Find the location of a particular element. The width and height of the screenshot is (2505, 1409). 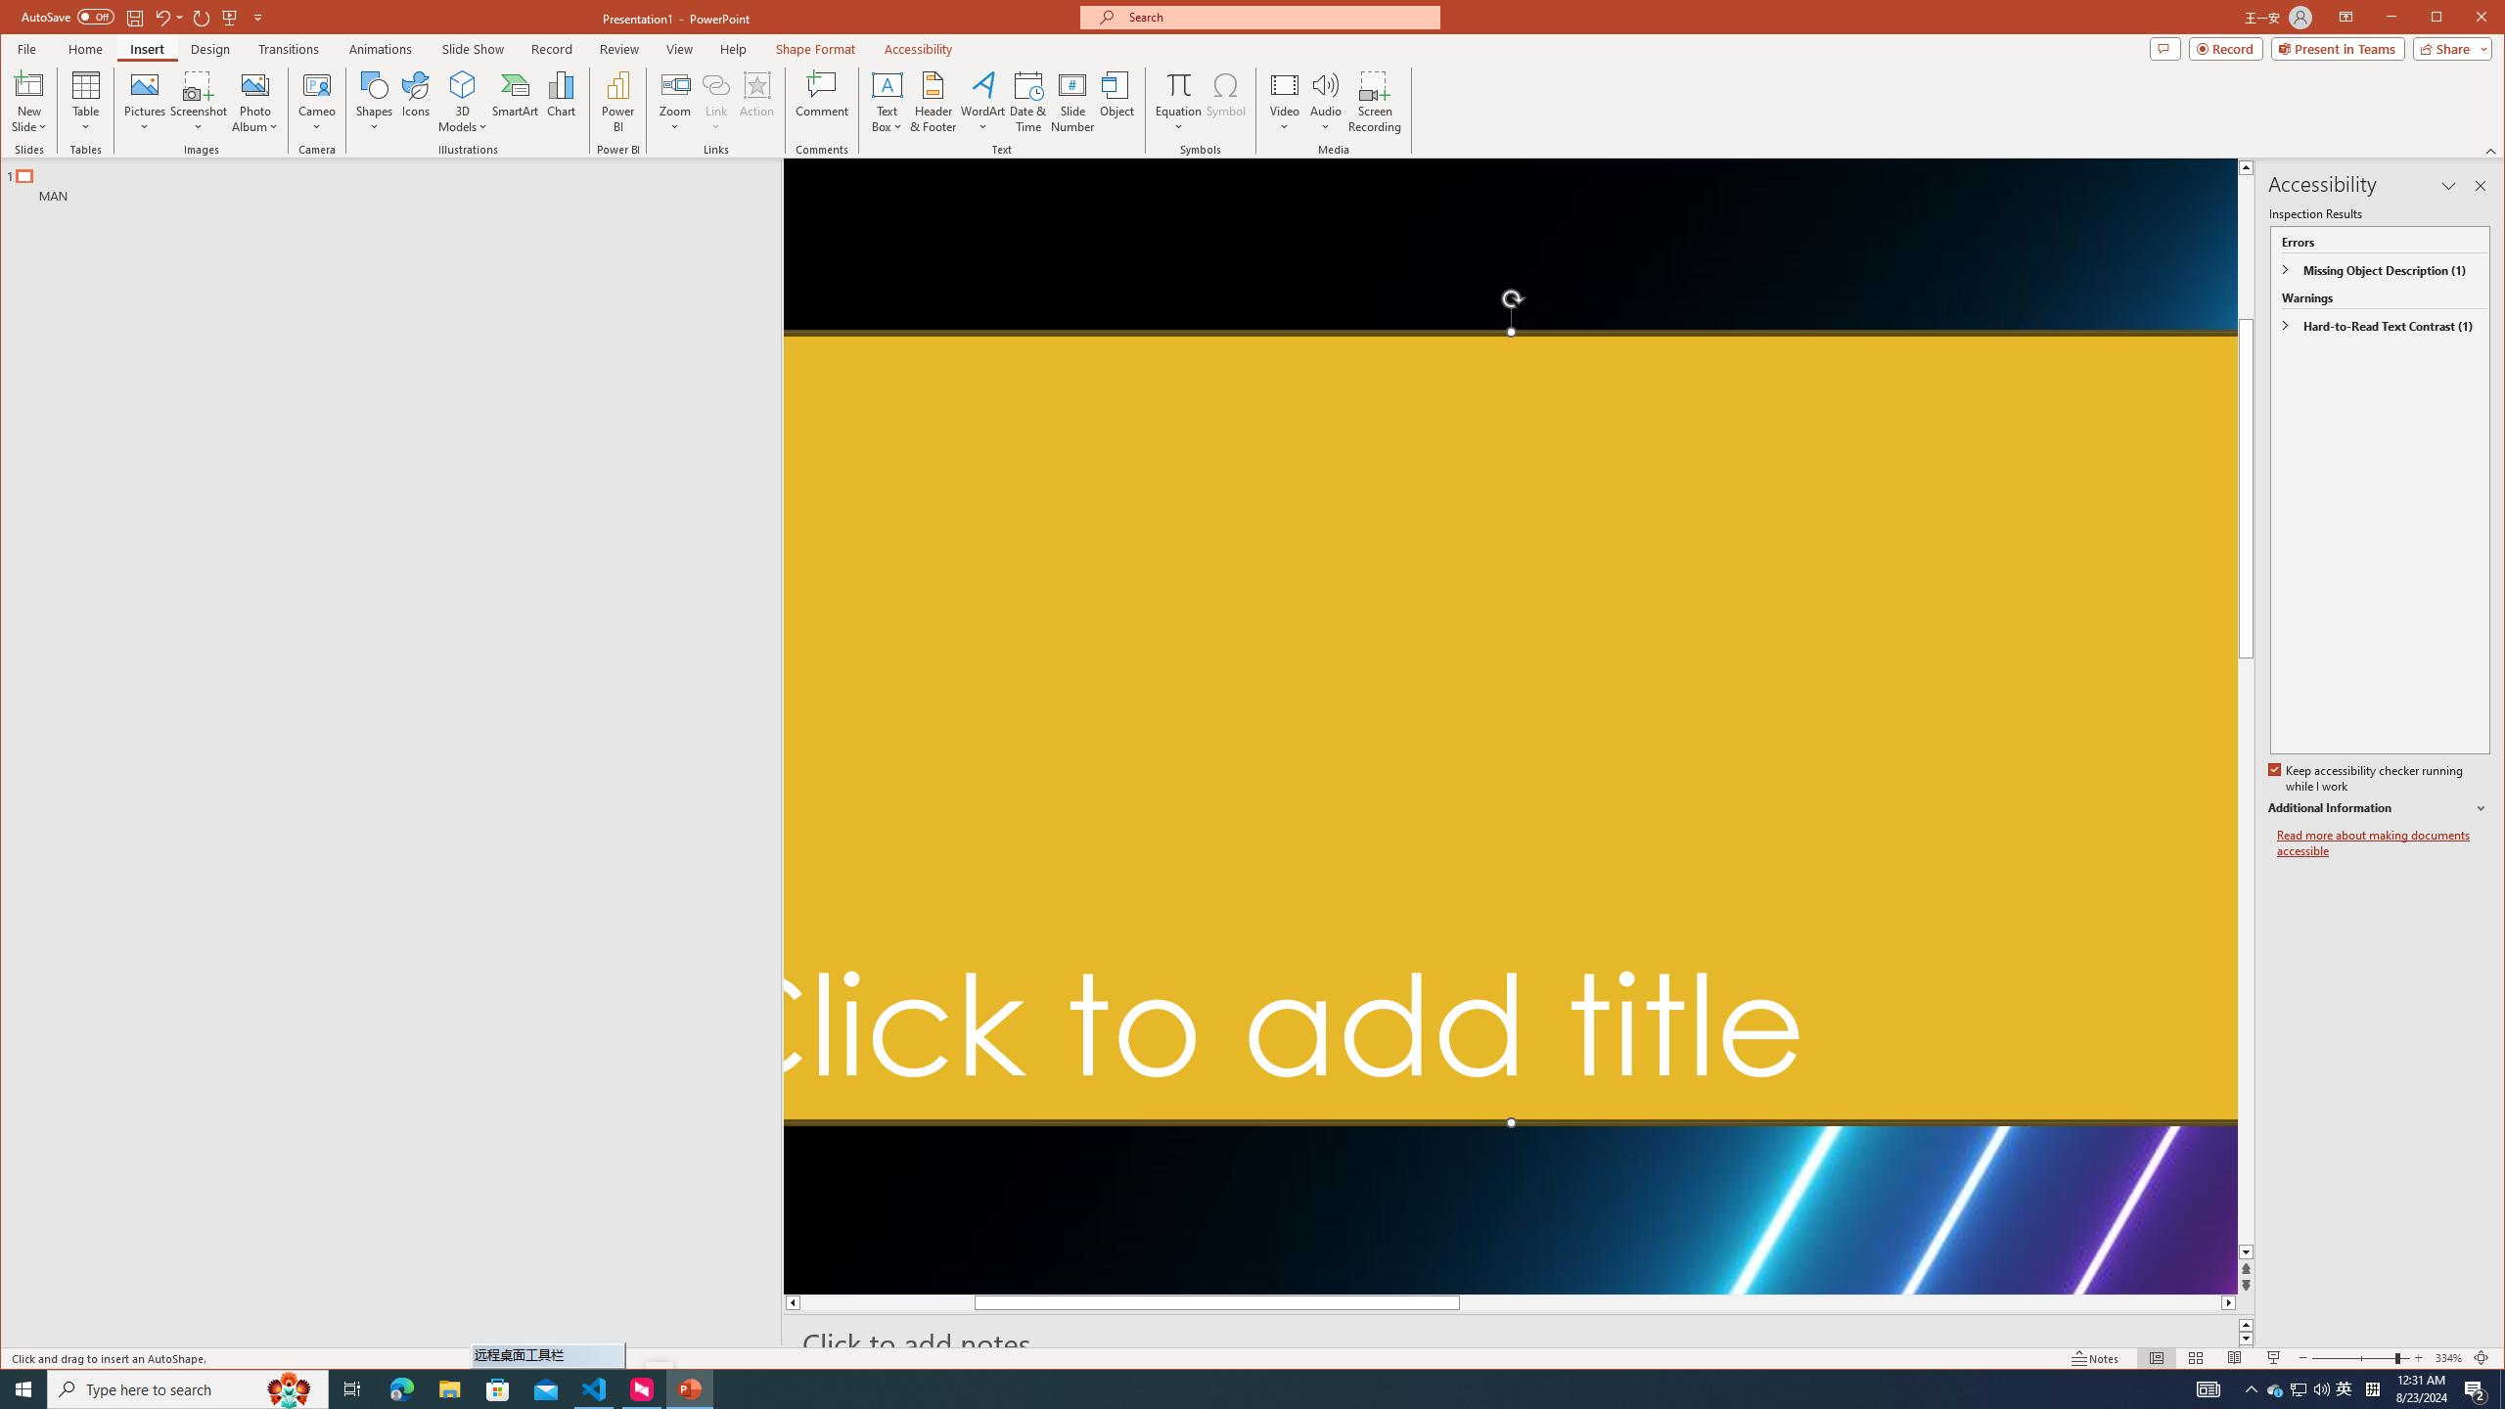

'Header & Footer...' is located at coordinates (933, 101).